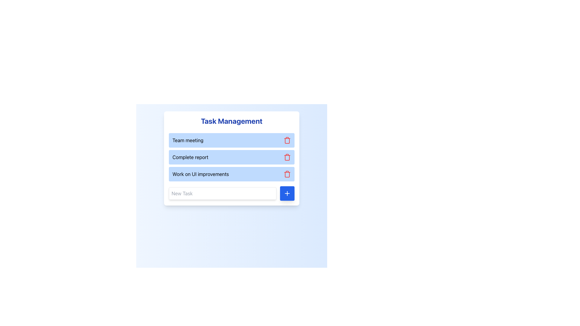 Image resolution: width=580 pixels, height=326 pixels. Describe the element at coordinates (201, 174) in the screenshot. I see `the text label displaying 'Work on UI improvements', which is prominently placed in a light blue rounded box within the task management interface` at that location.